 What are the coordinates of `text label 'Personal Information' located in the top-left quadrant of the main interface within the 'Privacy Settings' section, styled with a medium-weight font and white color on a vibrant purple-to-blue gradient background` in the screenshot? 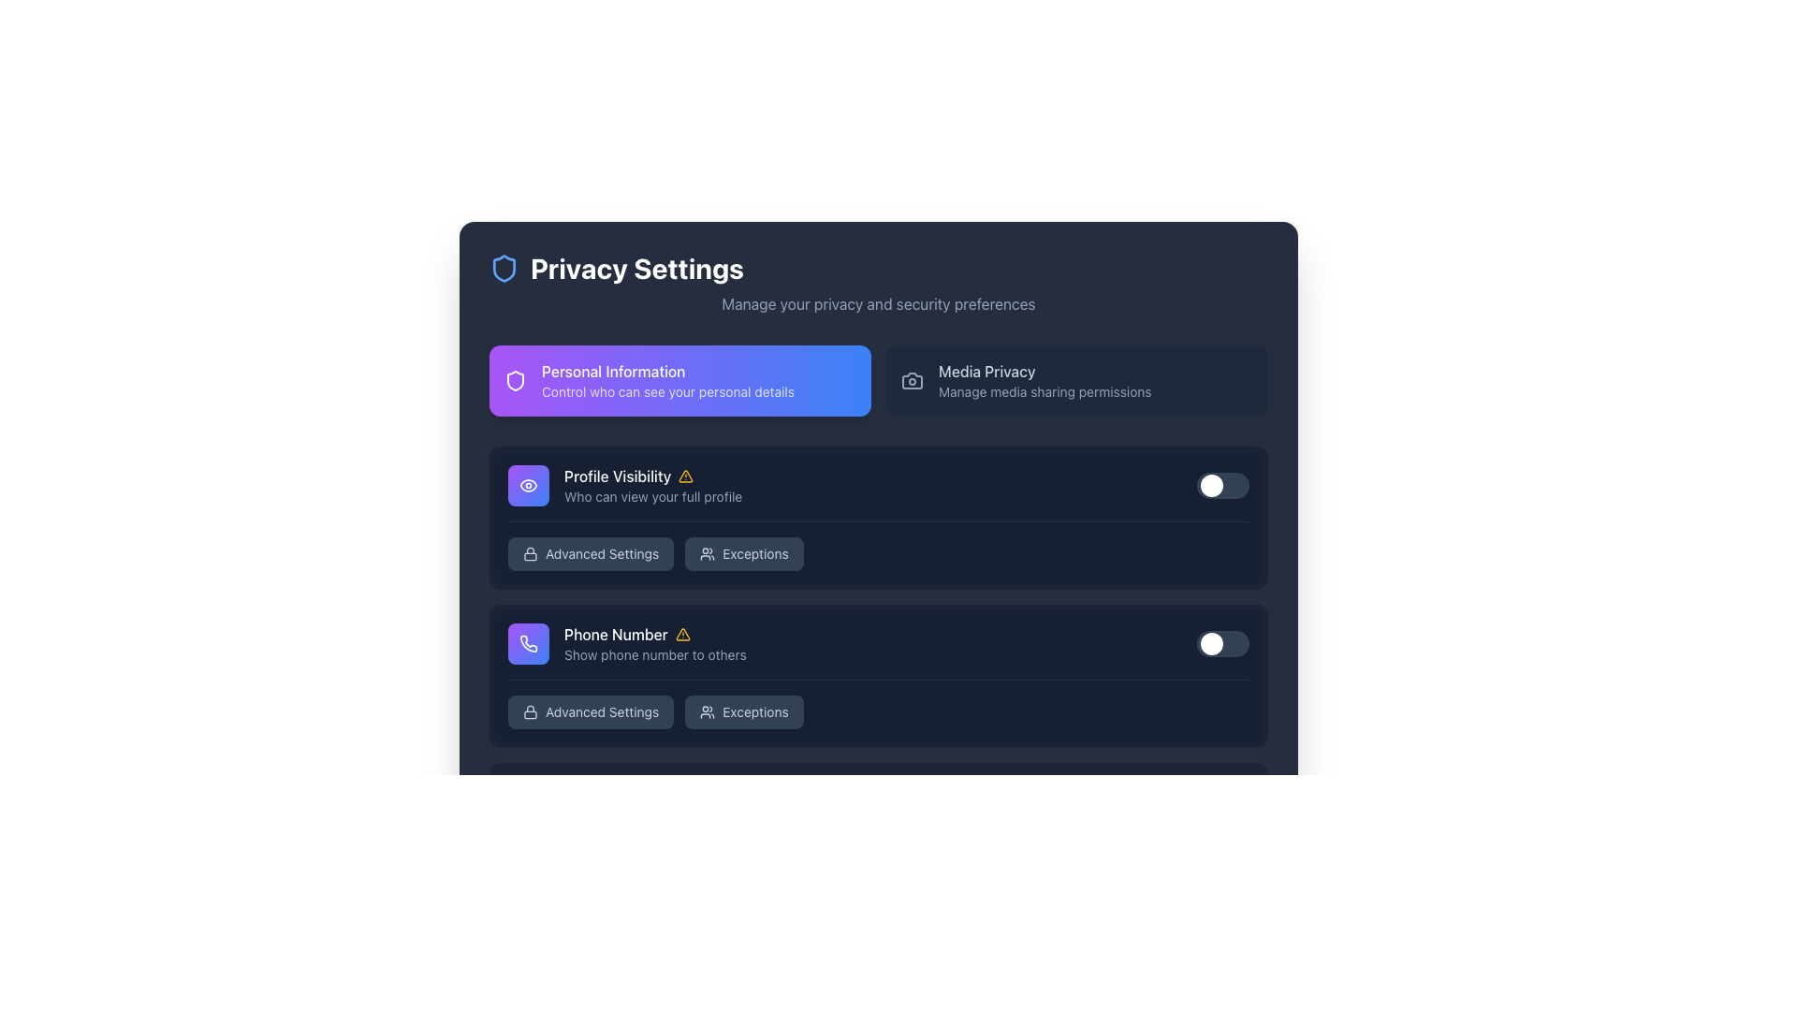 It's located at (668, 372).